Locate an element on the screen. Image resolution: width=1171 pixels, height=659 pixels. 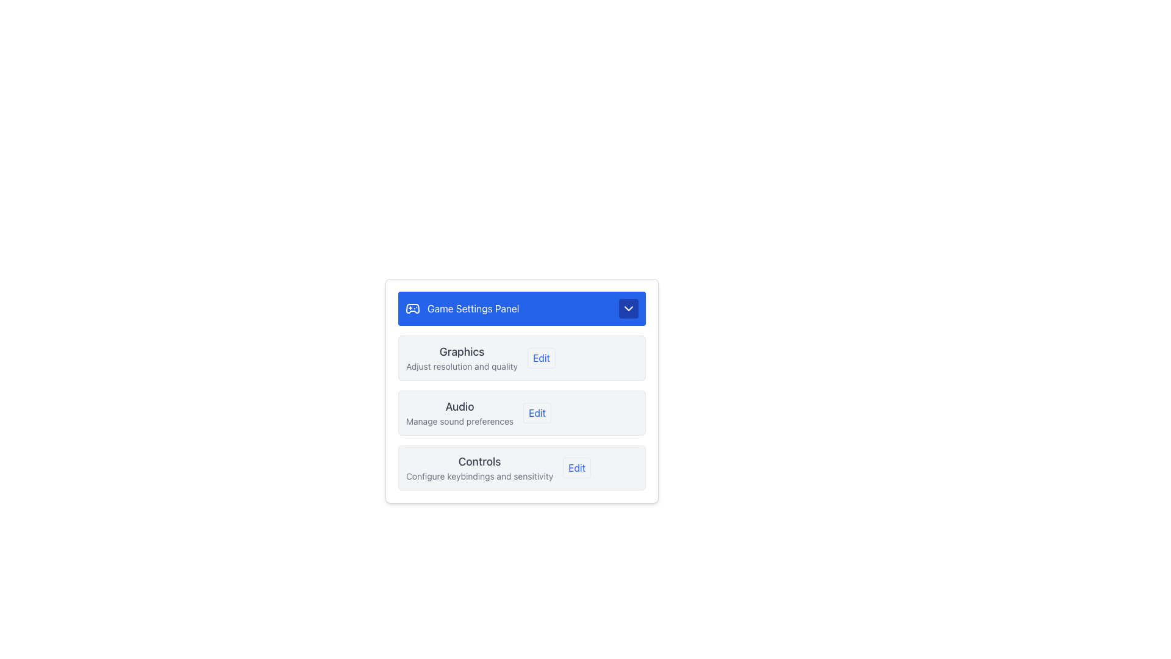
the text label displaying 'Adjust resolution and quality' located below the 'Graphics' header in the settings panel is located at coordinates (461, 366).